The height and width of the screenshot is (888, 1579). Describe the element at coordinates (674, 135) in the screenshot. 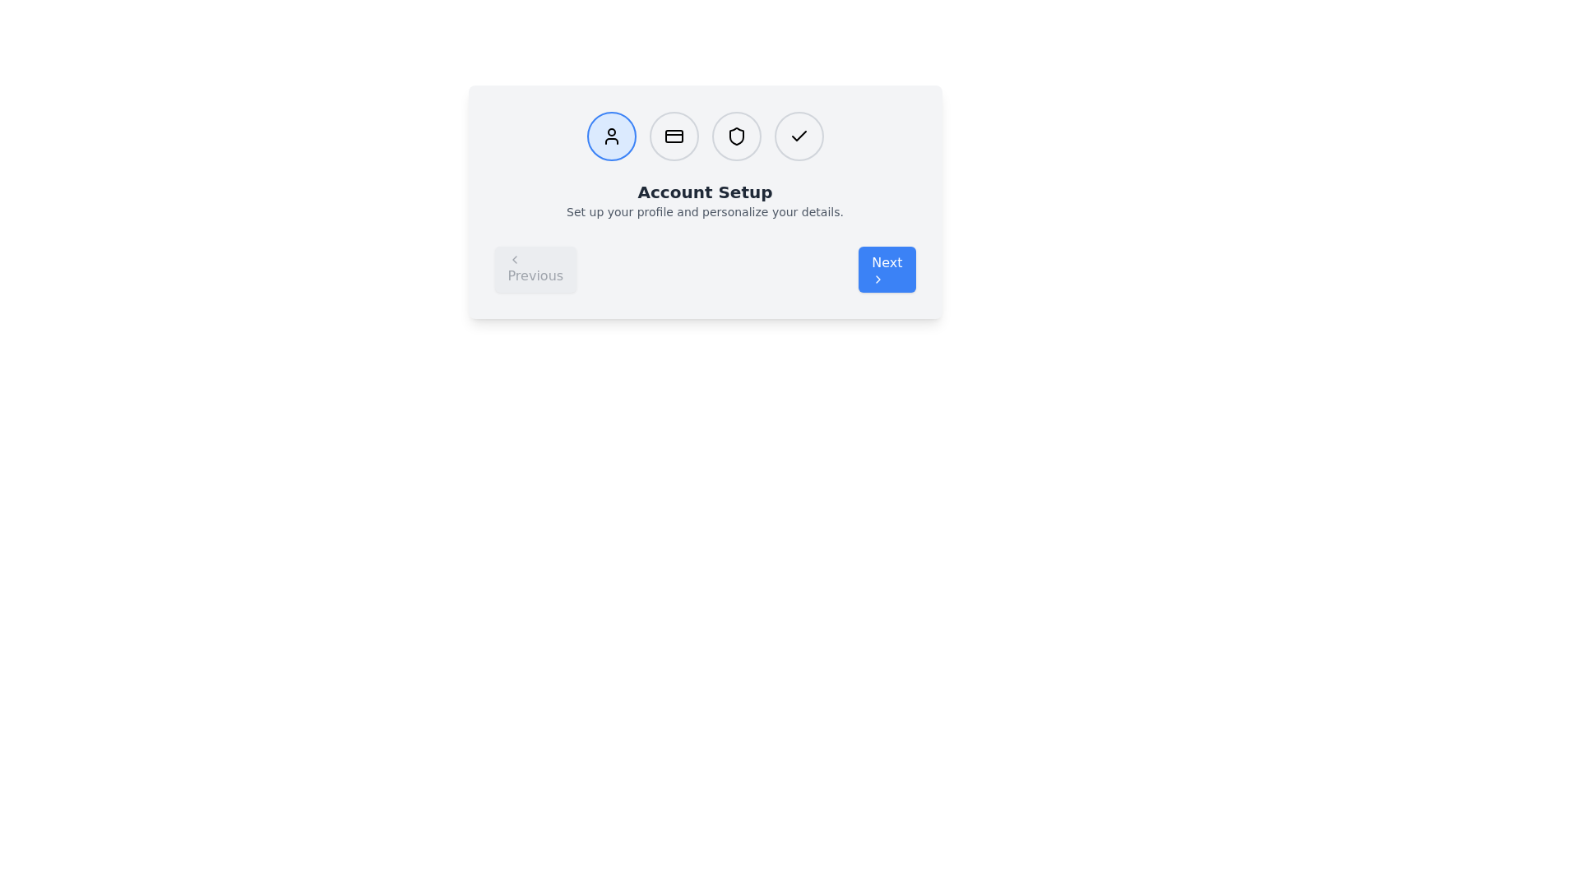

I see `the rectangular card icon element located within the second circular button from the left in a row of four buttons at the top of the interface` at that location.